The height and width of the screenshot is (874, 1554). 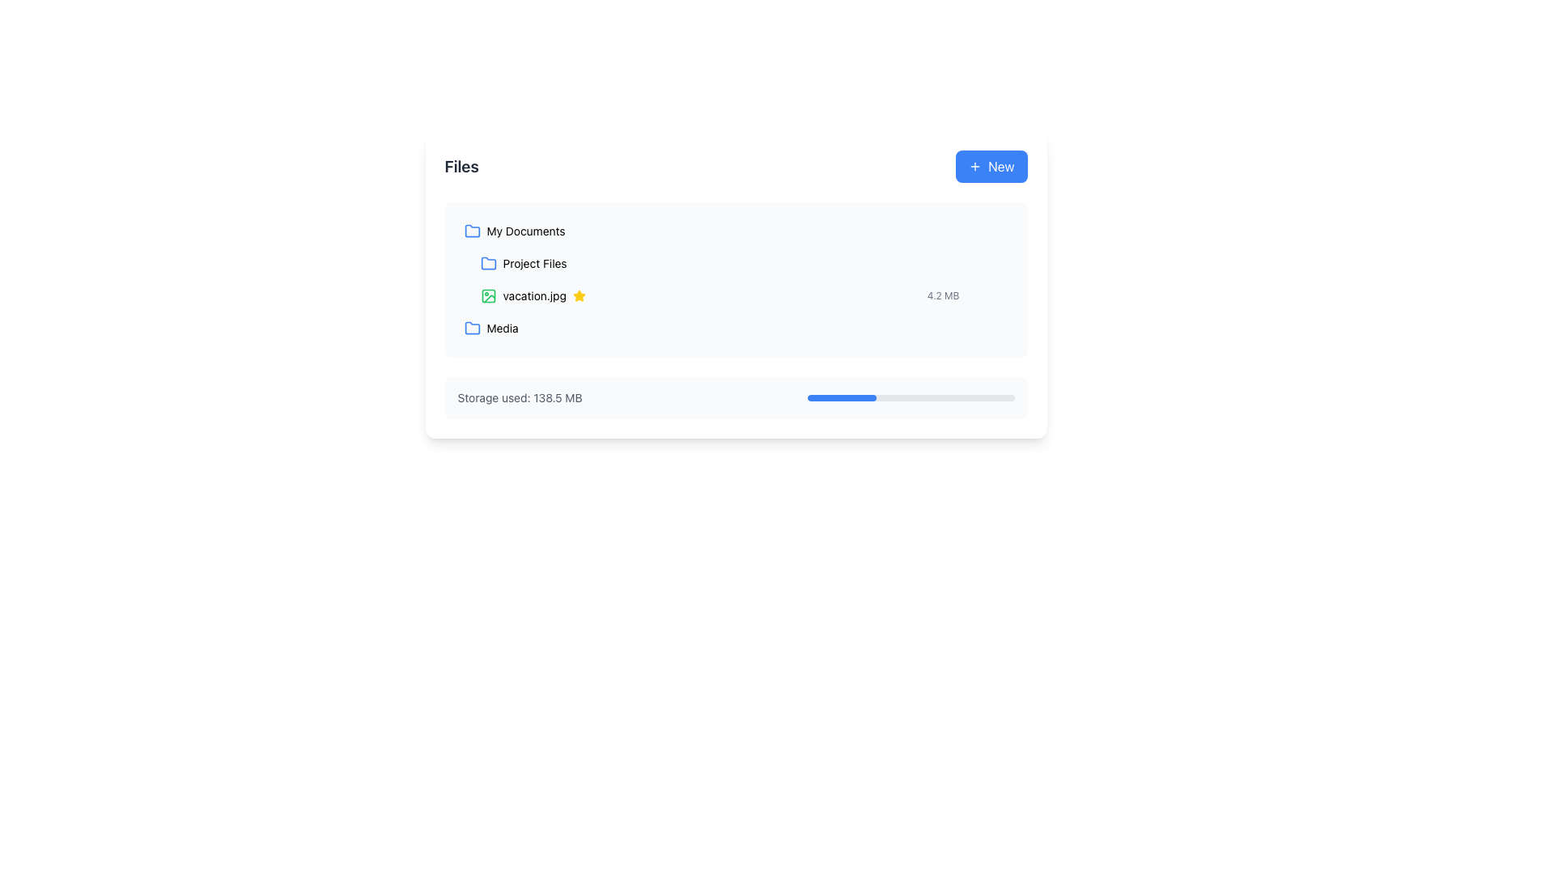 I want to click on the icon representing the action to create or add a new item located at the center of the 'New' button in the top-right corner of the file management interface, so click(x=974, y=166).